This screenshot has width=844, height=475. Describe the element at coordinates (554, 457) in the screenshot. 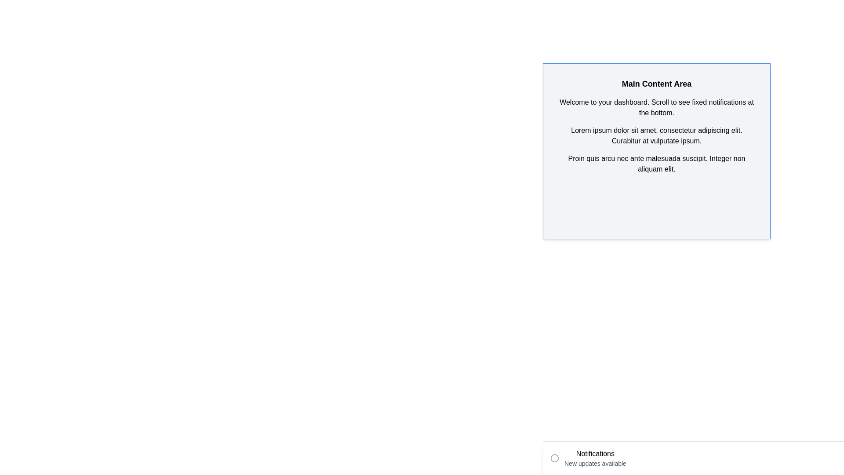

I see `the circular outline icon with a gray stroke color located to the left of the text segment 'Notifications New updates available'` at that location.